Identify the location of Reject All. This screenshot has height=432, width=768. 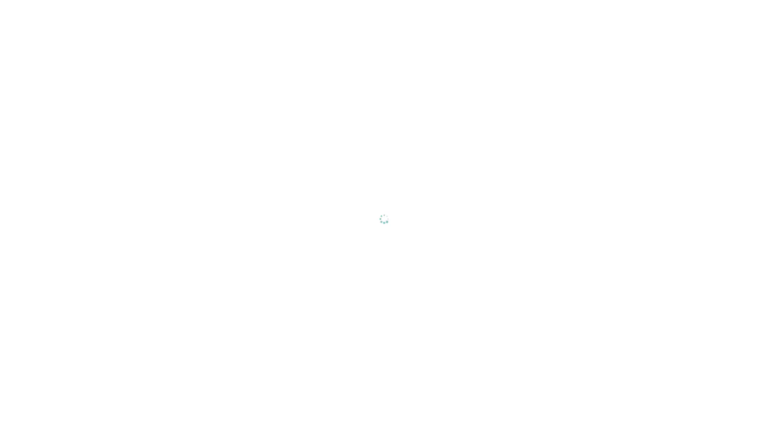
(417, 90).